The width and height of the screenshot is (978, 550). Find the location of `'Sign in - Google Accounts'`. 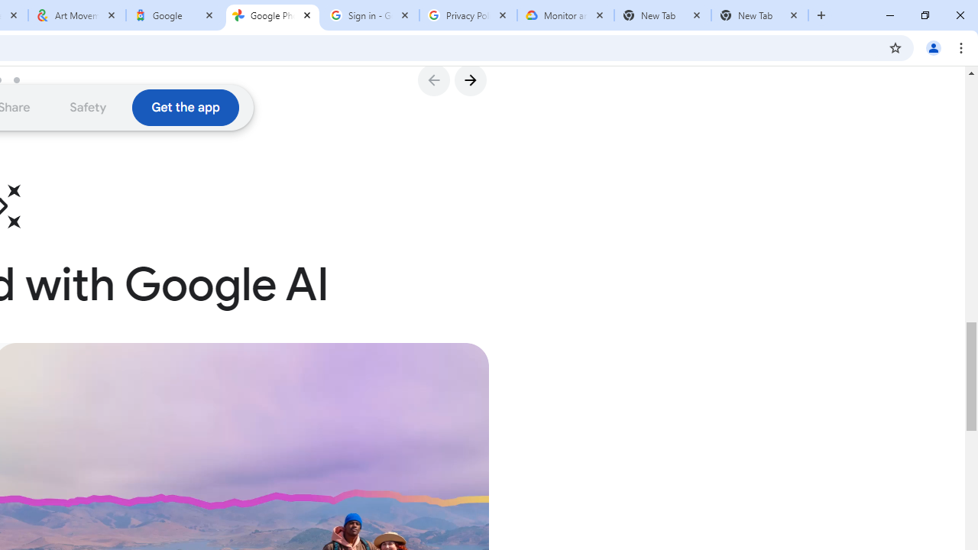

'Sign in - Google Accounts' is located at coordinates (371, 15).